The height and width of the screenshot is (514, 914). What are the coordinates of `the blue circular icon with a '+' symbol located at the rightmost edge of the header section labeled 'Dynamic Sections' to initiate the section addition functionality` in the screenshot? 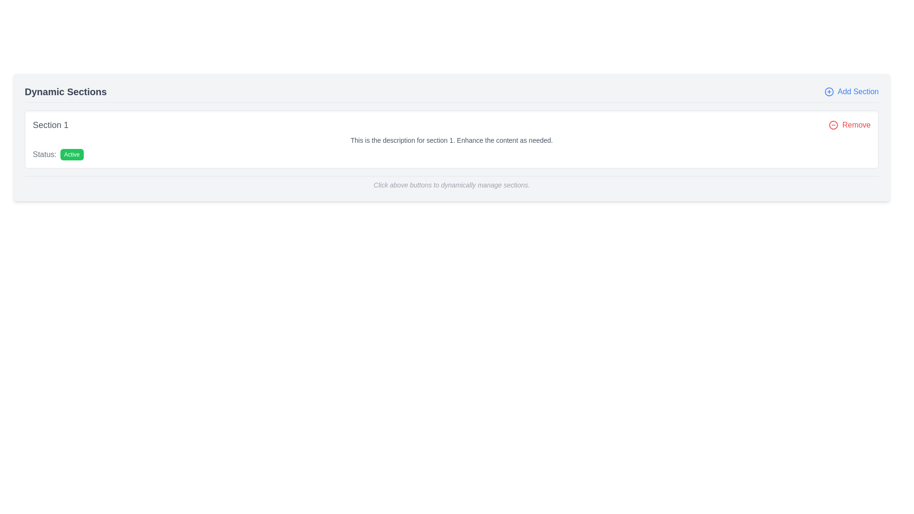 It's located at (828, 91).